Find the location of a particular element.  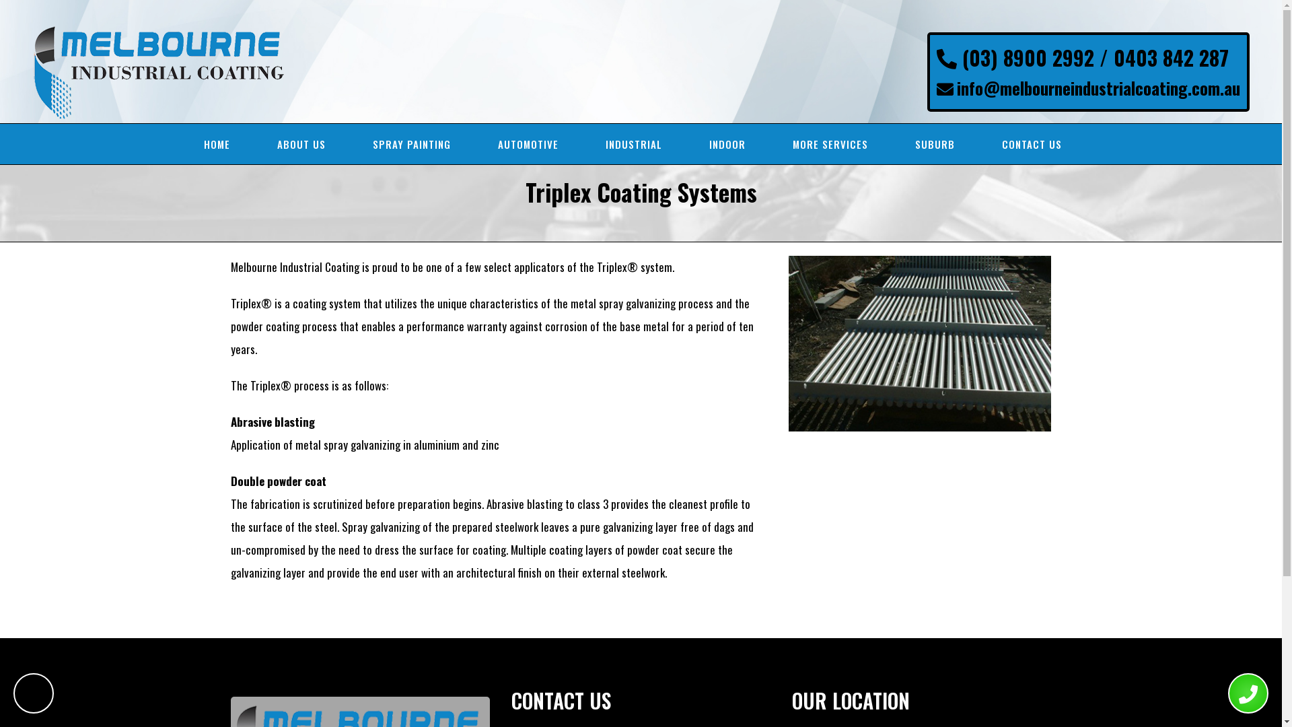

'SPRAY PAINTING' is located at coordinates (410, 143).